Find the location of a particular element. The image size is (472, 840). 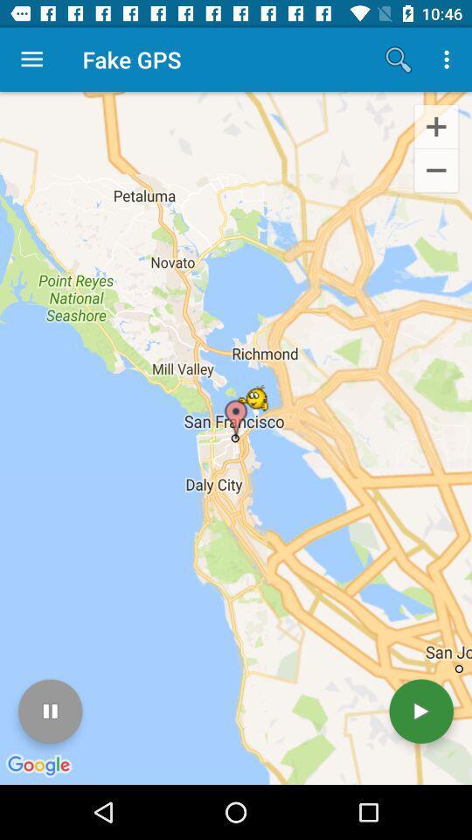

the icon to the right of fake gps icon is located at coordinates (398, 59).